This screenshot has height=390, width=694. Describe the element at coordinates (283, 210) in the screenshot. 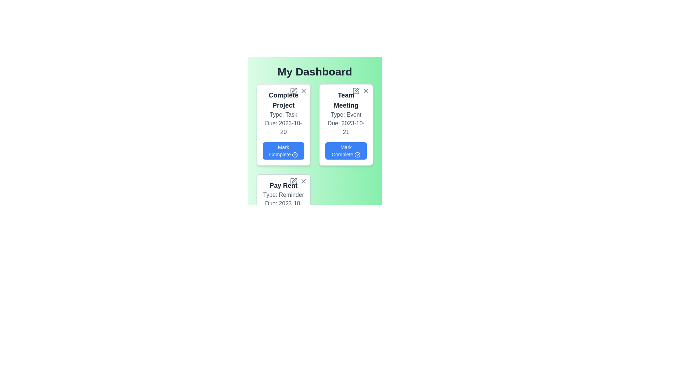

I see `the Task Summary Card that acts as a reminder for rent payment, positioned as the third card in the grid layout below 'Complete Project' and 'Team Meeting'` at that location.